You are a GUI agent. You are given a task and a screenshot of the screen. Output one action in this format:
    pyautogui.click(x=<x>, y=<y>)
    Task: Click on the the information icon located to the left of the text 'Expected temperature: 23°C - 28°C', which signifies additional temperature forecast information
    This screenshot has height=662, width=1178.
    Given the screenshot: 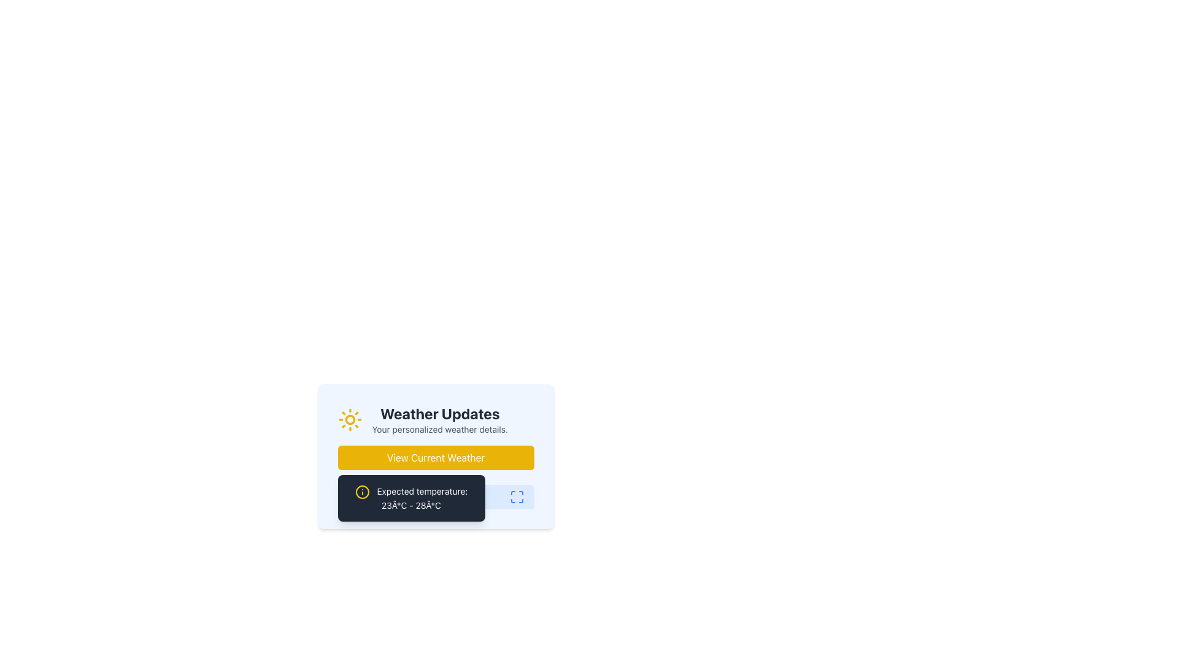 What is the action you would take?
    pyautogui.click(x=361, y=491)
    